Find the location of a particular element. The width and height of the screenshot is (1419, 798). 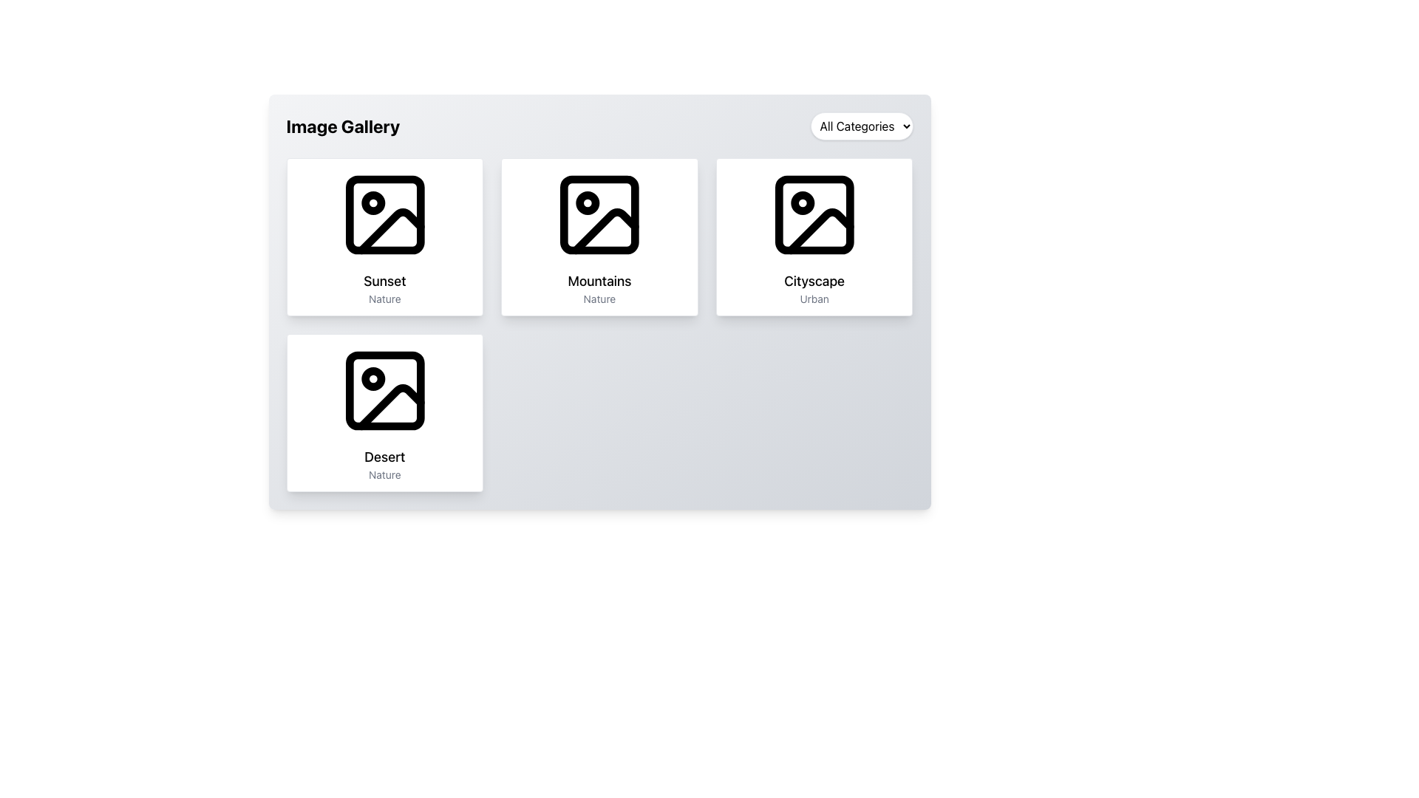

the text label 'Mountains' which is displayed in bold font, positioned below an icon and above the text 'Nature' in the 'Image Gallery' interface is located at coordinates (599, 282).